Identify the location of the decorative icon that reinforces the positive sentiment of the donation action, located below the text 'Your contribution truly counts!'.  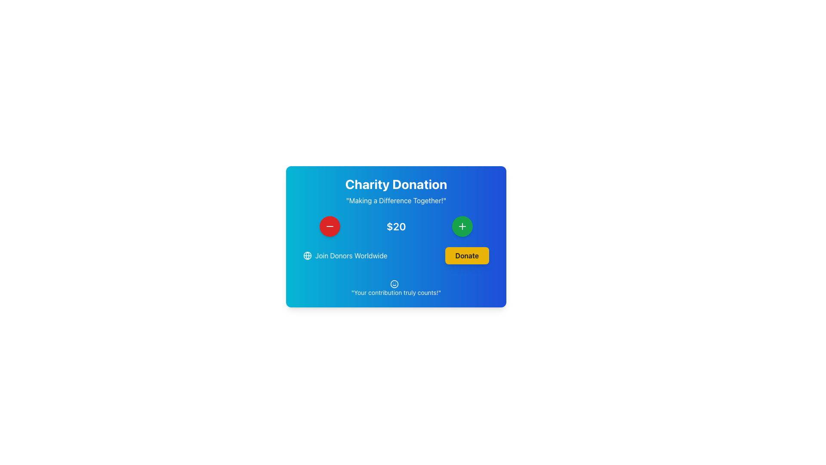
(394, 284).